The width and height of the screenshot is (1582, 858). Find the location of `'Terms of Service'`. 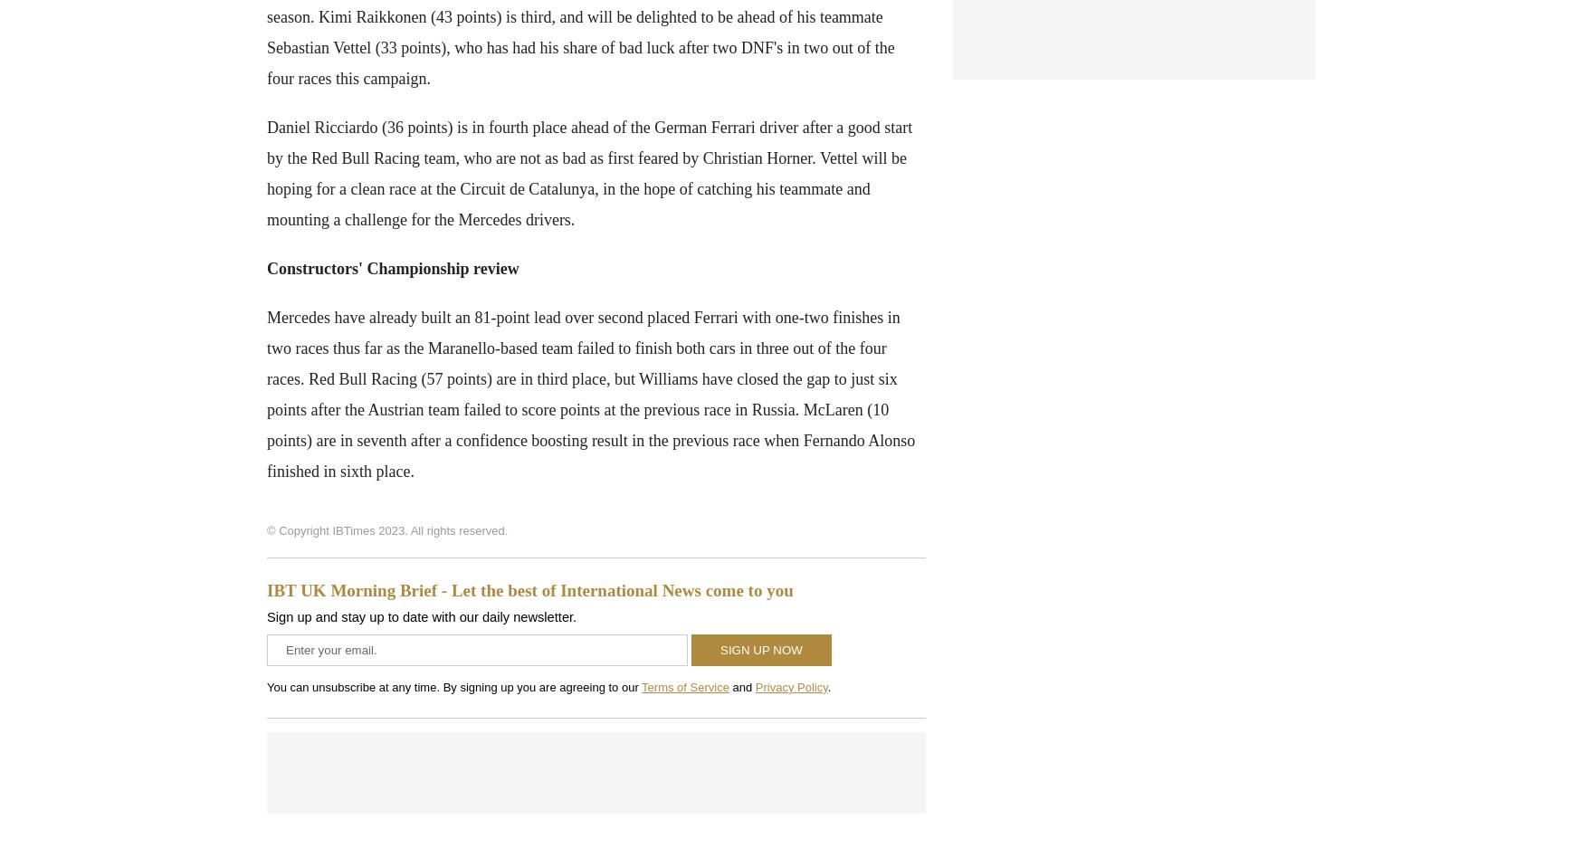

'Terms of Service' is located at coordinates (641, 686).